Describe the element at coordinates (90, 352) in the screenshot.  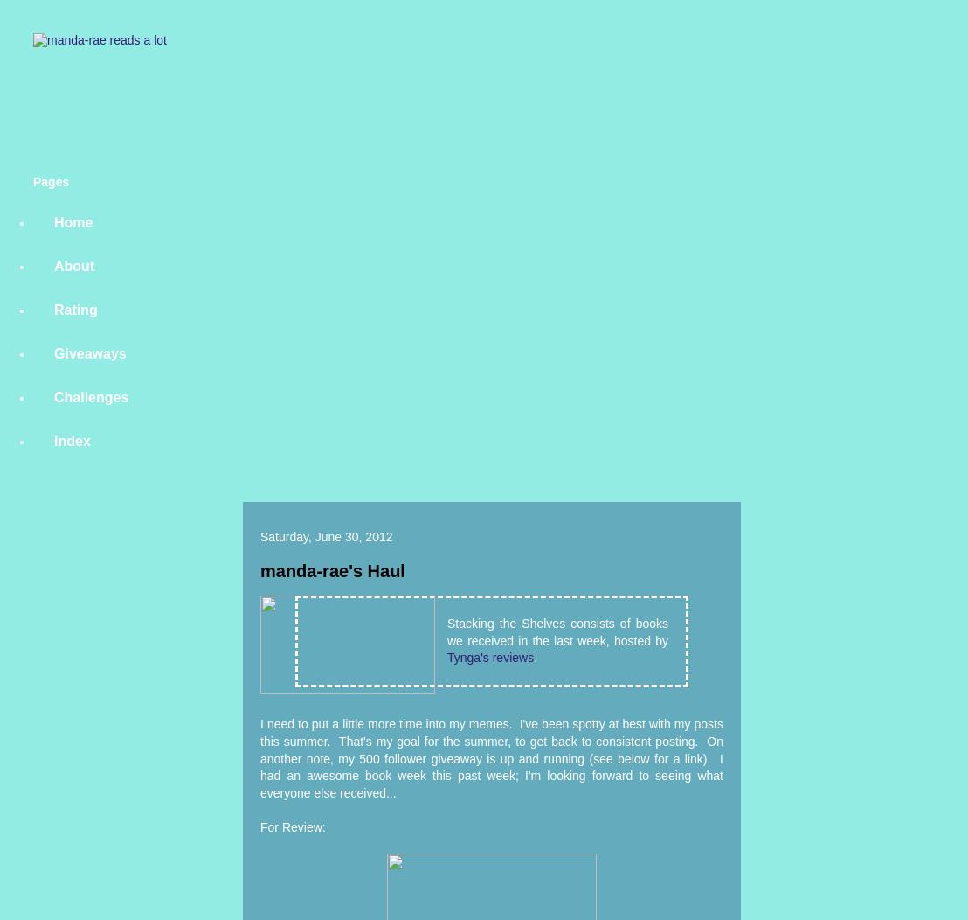
I see `'Giveaways'` at that location.